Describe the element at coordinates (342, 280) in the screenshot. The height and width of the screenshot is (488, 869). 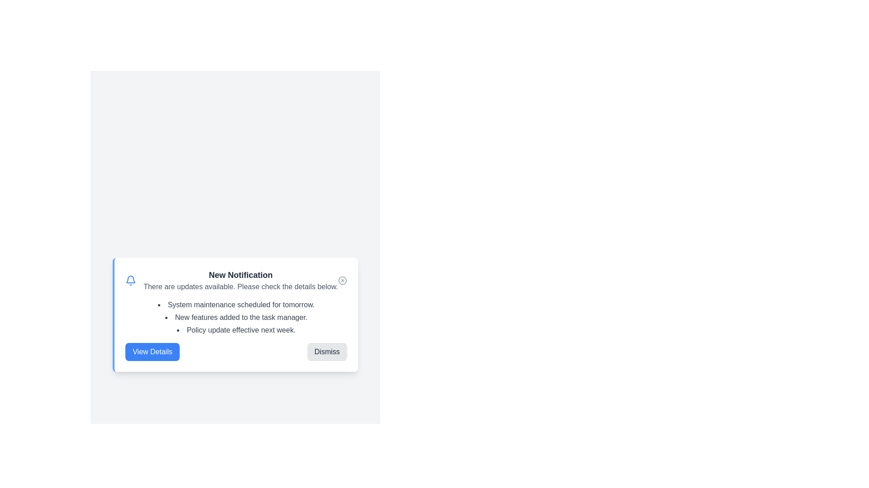
I see `the close button to dismiss the alert` at that location.